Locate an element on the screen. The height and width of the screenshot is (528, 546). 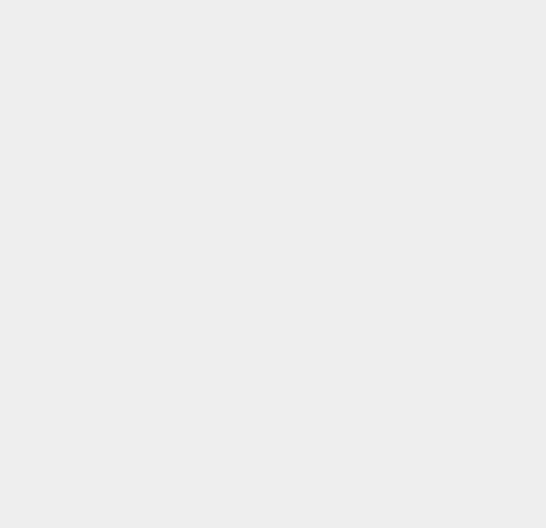
'1' is located at coordinates (101, 270).